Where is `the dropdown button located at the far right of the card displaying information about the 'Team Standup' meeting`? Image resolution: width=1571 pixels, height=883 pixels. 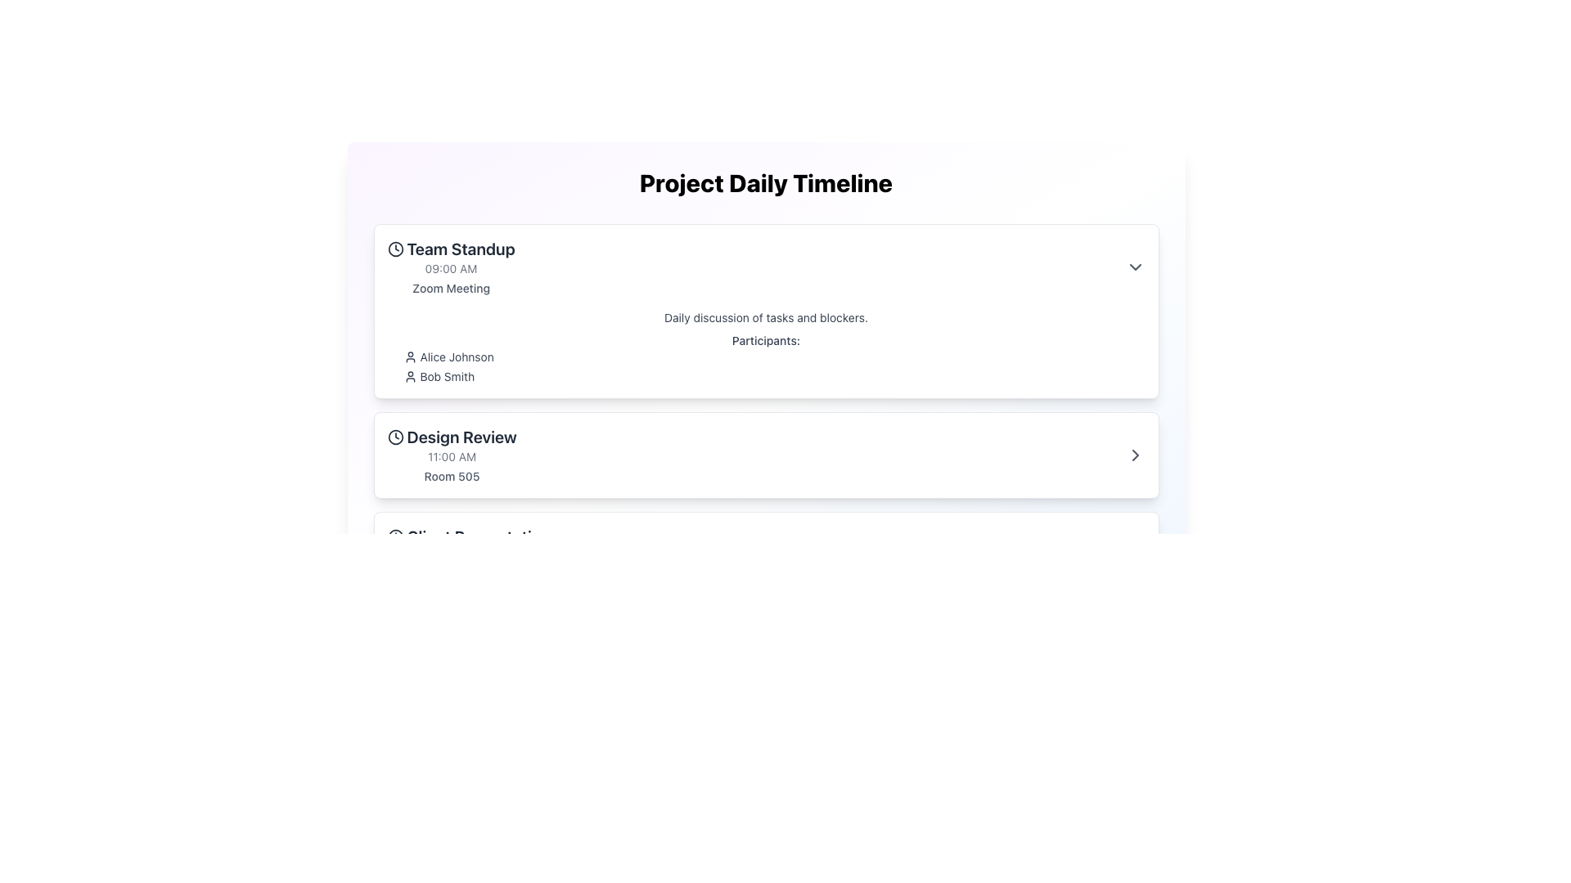
the dropdown button located at the far right of the card displaying information about the 'Team Standup' meeting is located at coordinates (1134, 267).